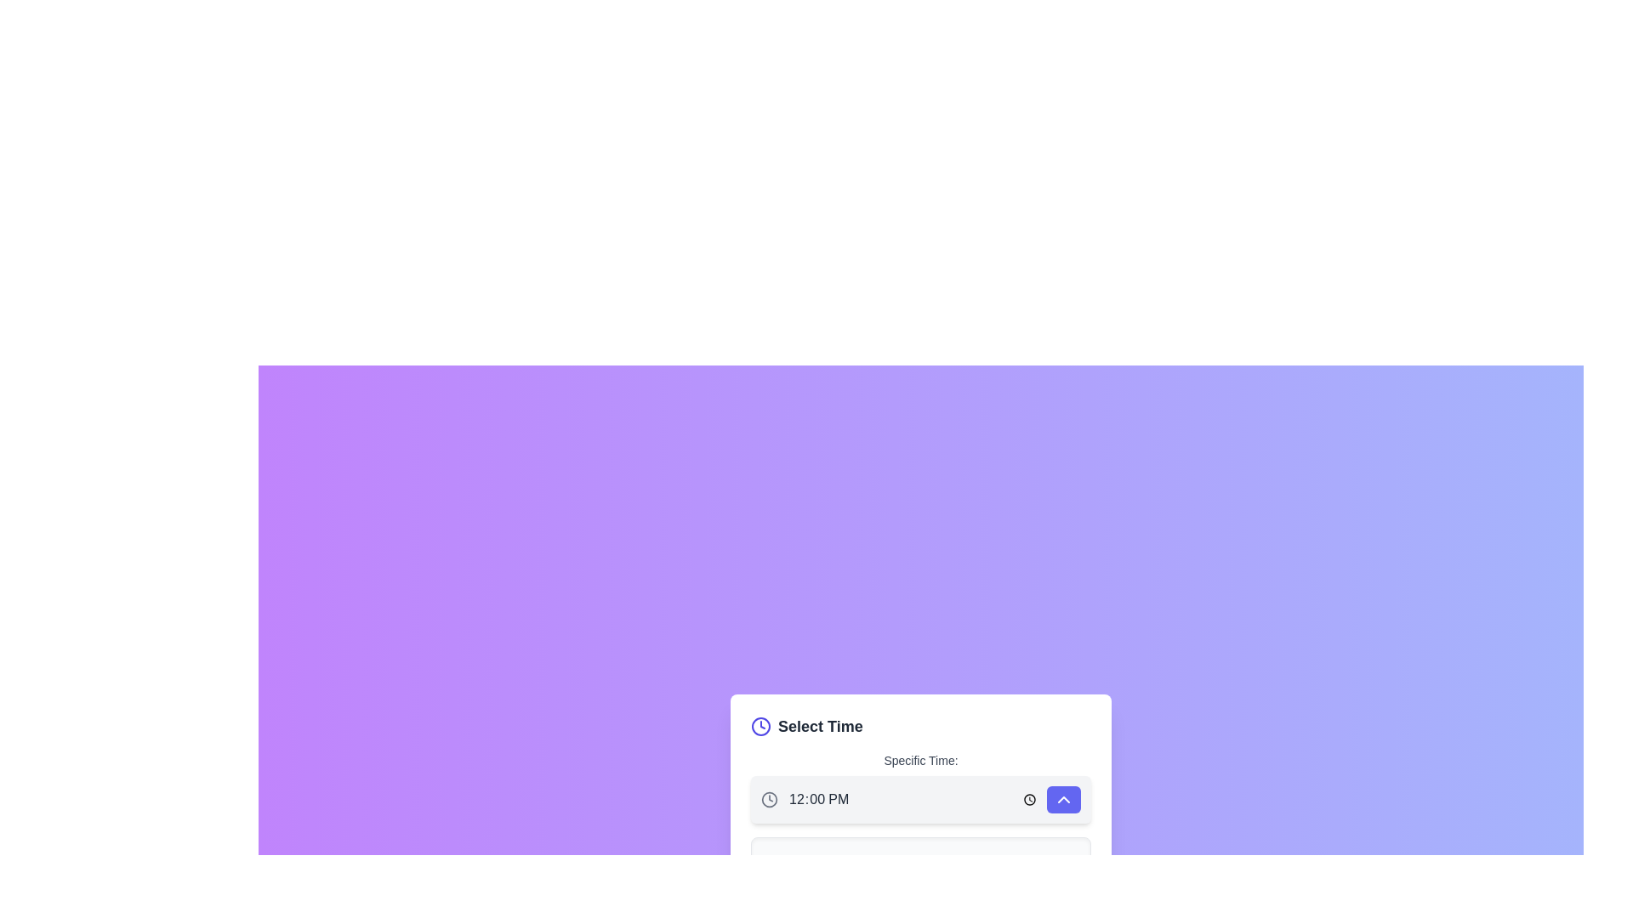 This screenshot has height=918, width=1633. Describe the element at coordinates (1063, 800) in the screenshot. I see `the increment button located to the right of the time input field displaying '12:00 PM' to increase the time value` at that location.